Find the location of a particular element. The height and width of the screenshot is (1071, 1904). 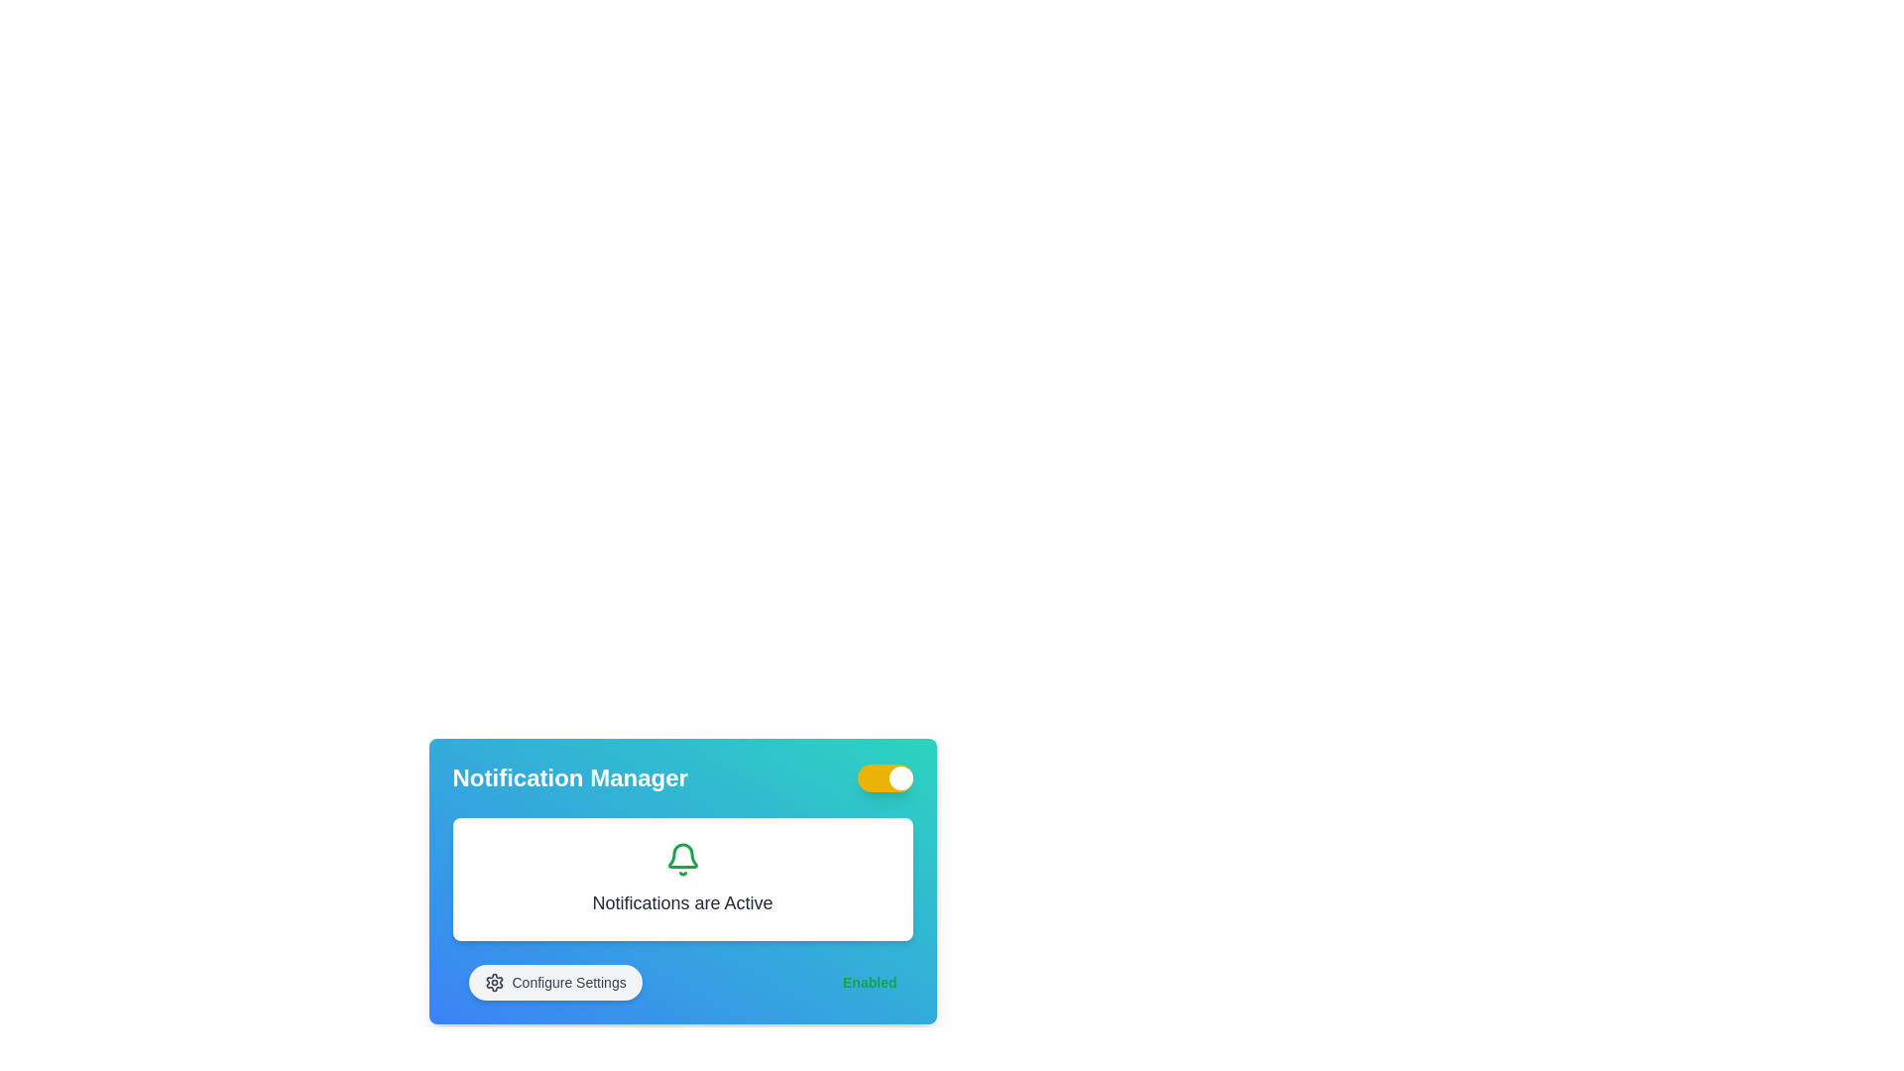

the 'Notification Manager' header with the integrated toggle switch is located at coordinates (682, 777).